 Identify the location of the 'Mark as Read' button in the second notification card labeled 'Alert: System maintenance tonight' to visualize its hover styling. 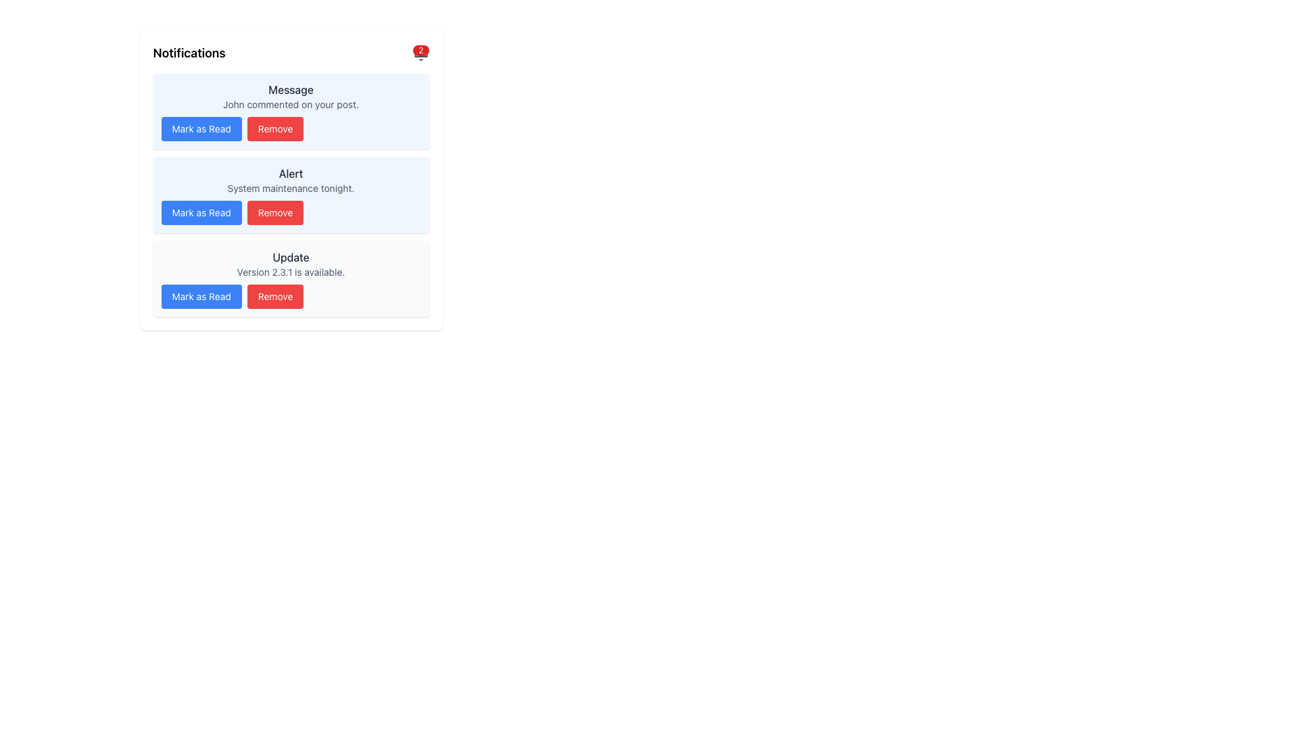
(201, 213).